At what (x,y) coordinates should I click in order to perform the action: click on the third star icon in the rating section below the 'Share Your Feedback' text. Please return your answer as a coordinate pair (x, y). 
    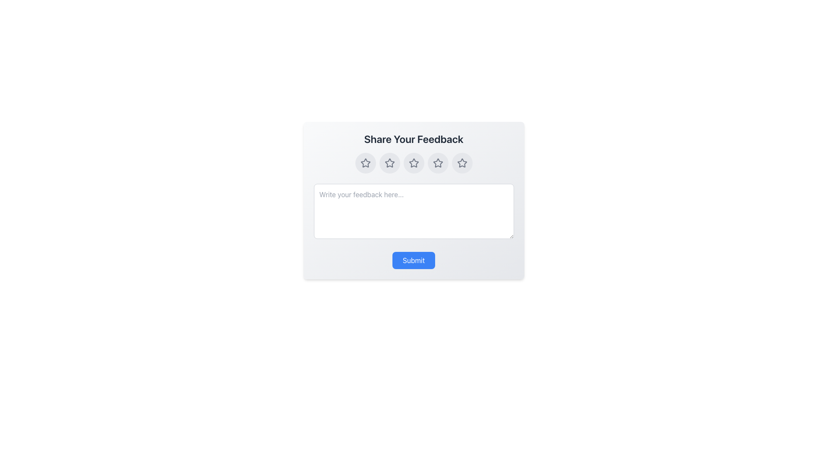
    Looking at the image, I should click on (413, 163).